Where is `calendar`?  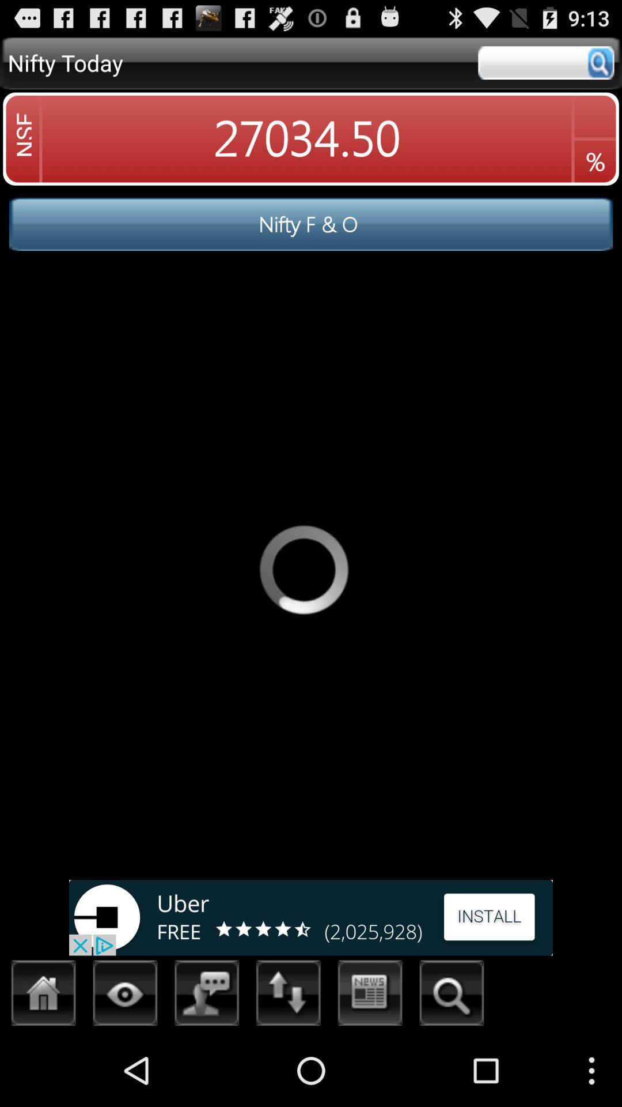 calendar is located at coordinates (370, 996).